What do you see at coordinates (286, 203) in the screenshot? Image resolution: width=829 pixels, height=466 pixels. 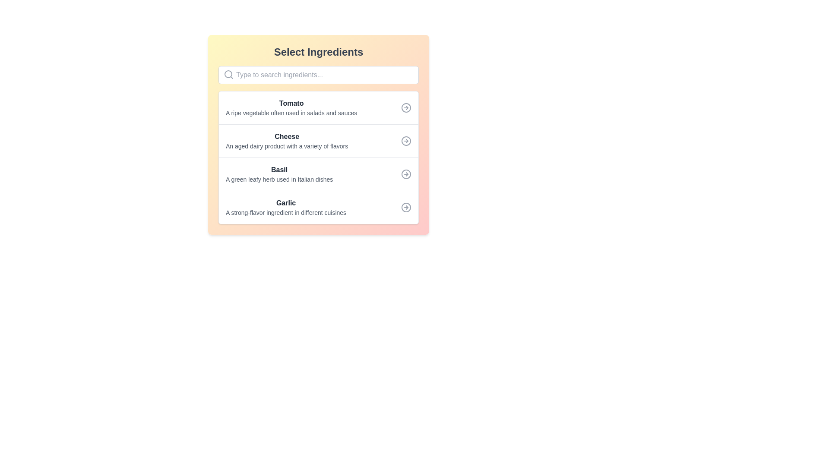 I see `the text content of the 'Garlic' label, which is the title for the fourth item in a vertically-stacked list located between 'Basil' and its descriptive text` at bounding box center [286, 203].